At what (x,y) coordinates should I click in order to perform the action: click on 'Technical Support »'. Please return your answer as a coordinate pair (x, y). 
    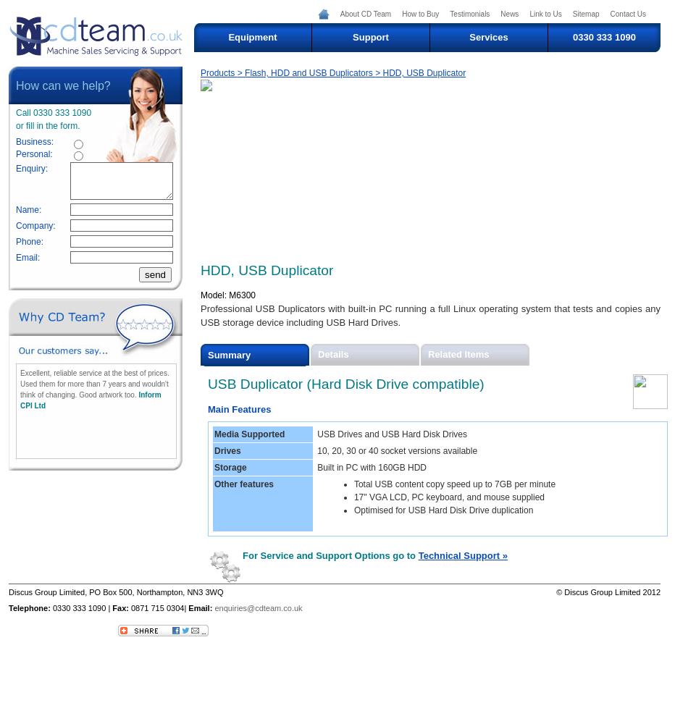
    Looking at the image, I should click on (461, 555).